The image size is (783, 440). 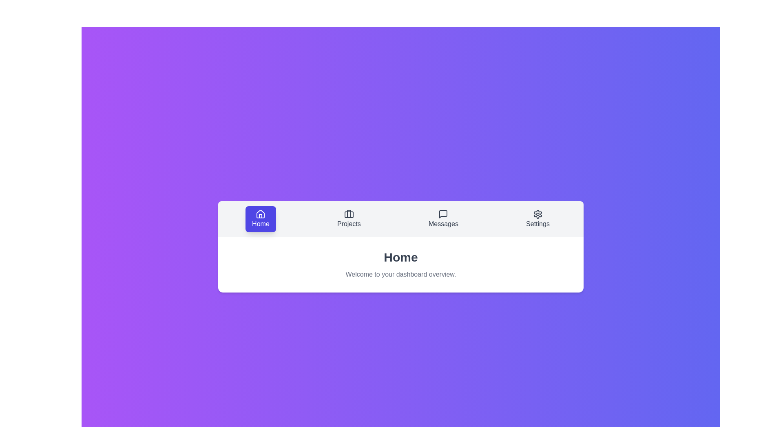 What do you see at coordinates (442, 218) in the screenshot?
I see `the Messages tab to view its content` at bounding box center [442, 218].